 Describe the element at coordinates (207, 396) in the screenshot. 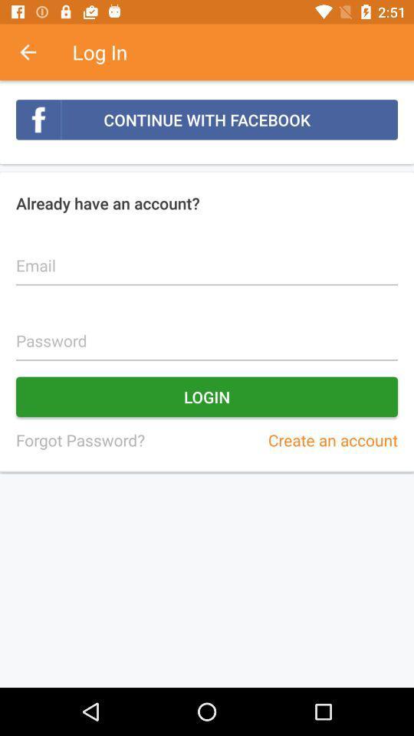

I see `login icon` at that location.